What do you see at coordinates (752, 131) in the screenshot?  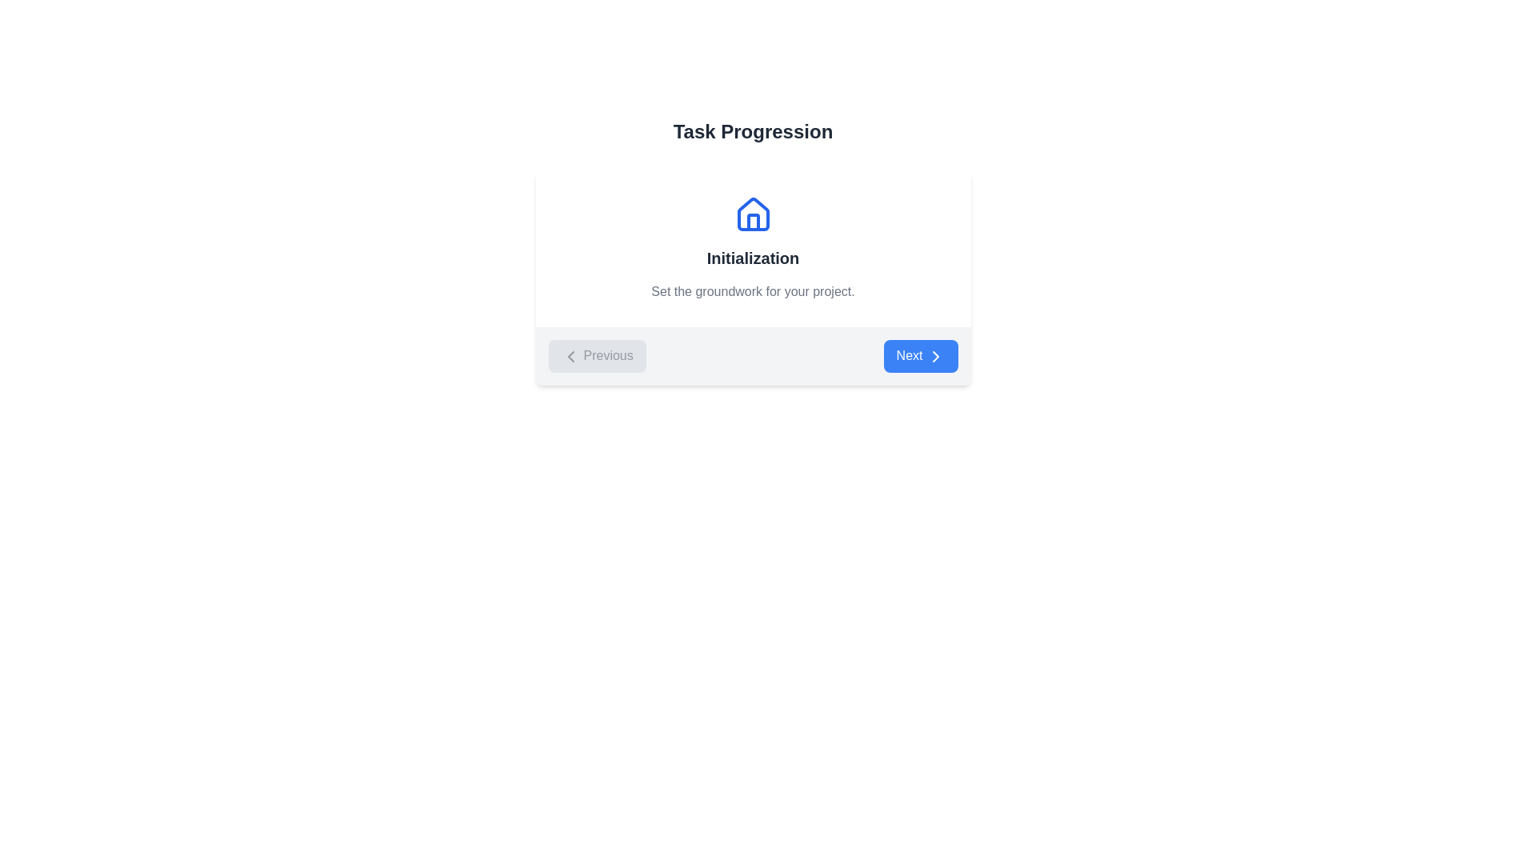 I see `the text element displaying 'Task Progression' which serves as a header for the section` at bounding box center [752, 131].